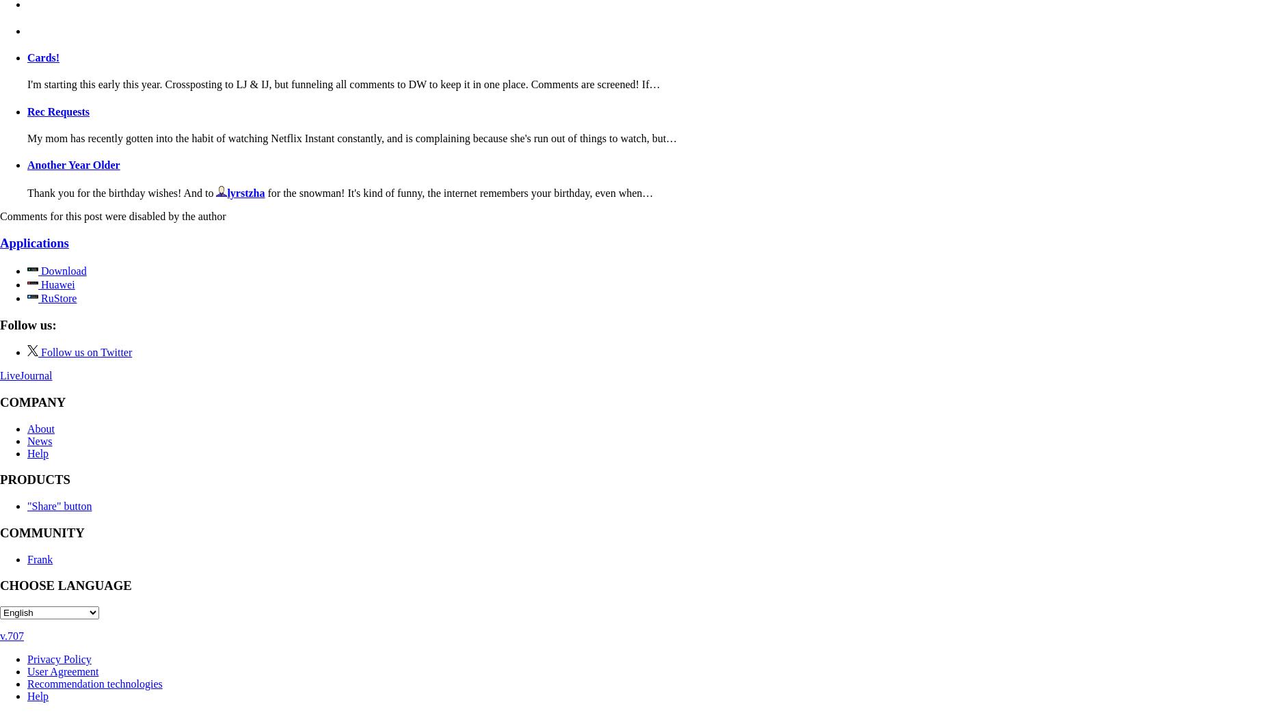 The width and height of the screenshot is (1265, 713). What do you see at coordinates (33, 242) in the screenshot?
I see `'Applications'` at bounding box center [33, 242].